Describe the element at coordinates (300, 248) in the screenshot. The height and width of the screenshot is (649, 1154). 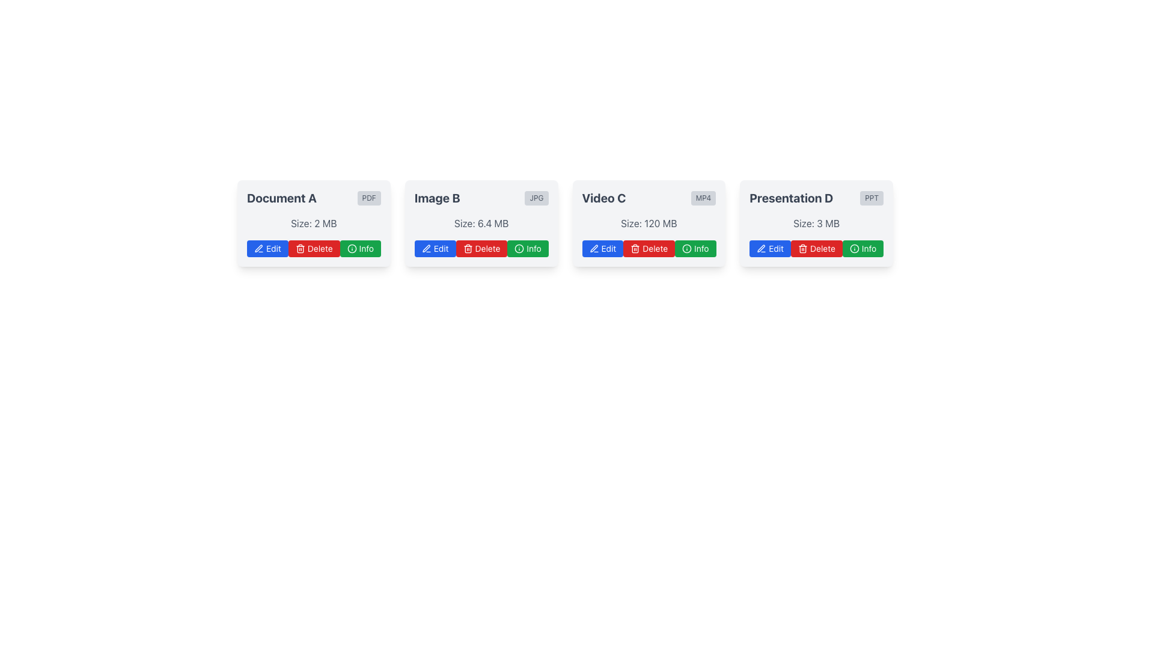
I see `the icon inside the 'Delete' button, which is the second button in a horizontal sequence of actions under the card labeled 'Document A'` at that location.